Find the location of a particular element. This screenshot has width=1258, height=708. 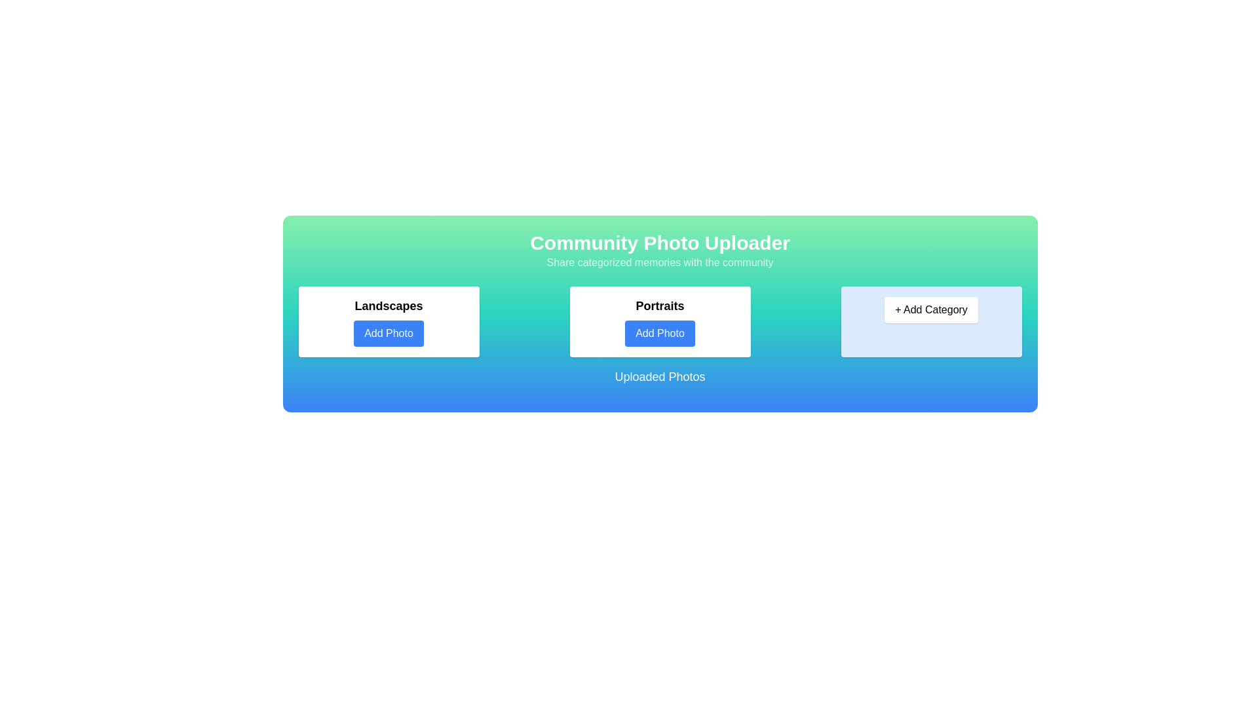

the title text label indicating the purpose of the community-driven photo uploading platform, located at the top of the interface is located at coordinates (660, 243).